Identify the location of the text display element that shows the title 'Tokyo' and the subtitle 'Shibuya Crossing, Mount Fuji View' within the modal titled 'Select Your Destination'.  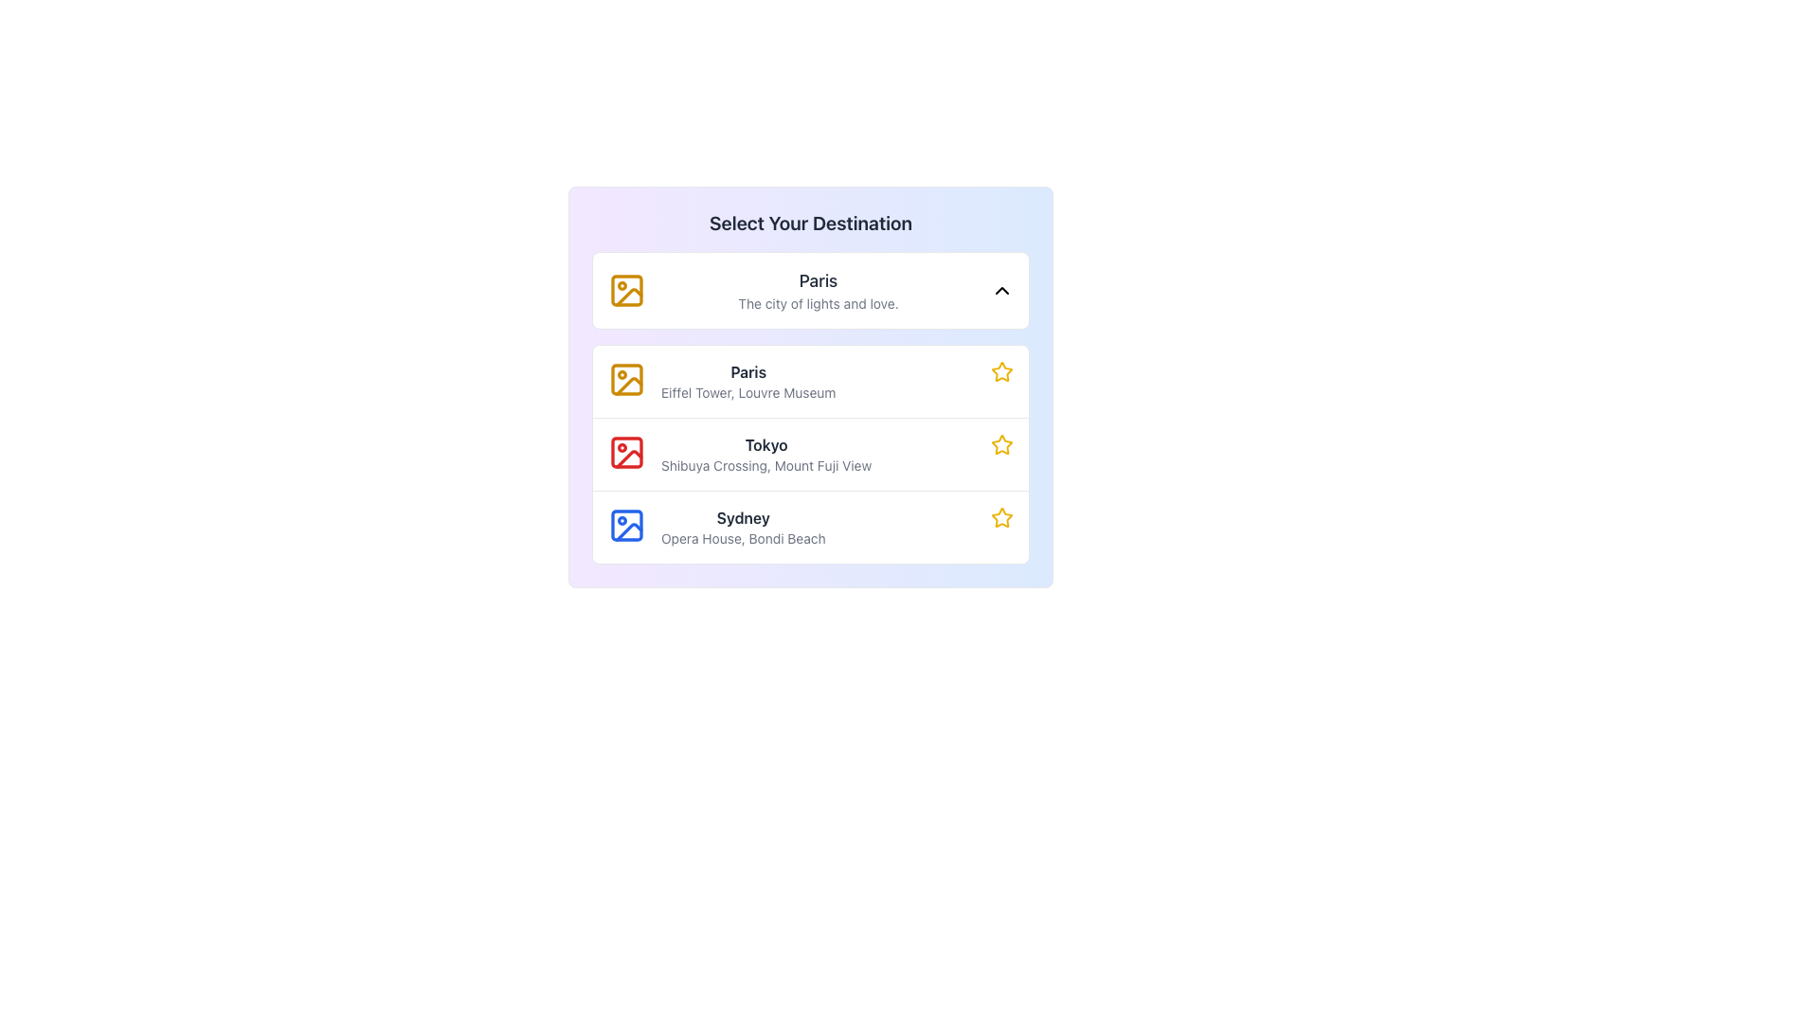
(766, 454).